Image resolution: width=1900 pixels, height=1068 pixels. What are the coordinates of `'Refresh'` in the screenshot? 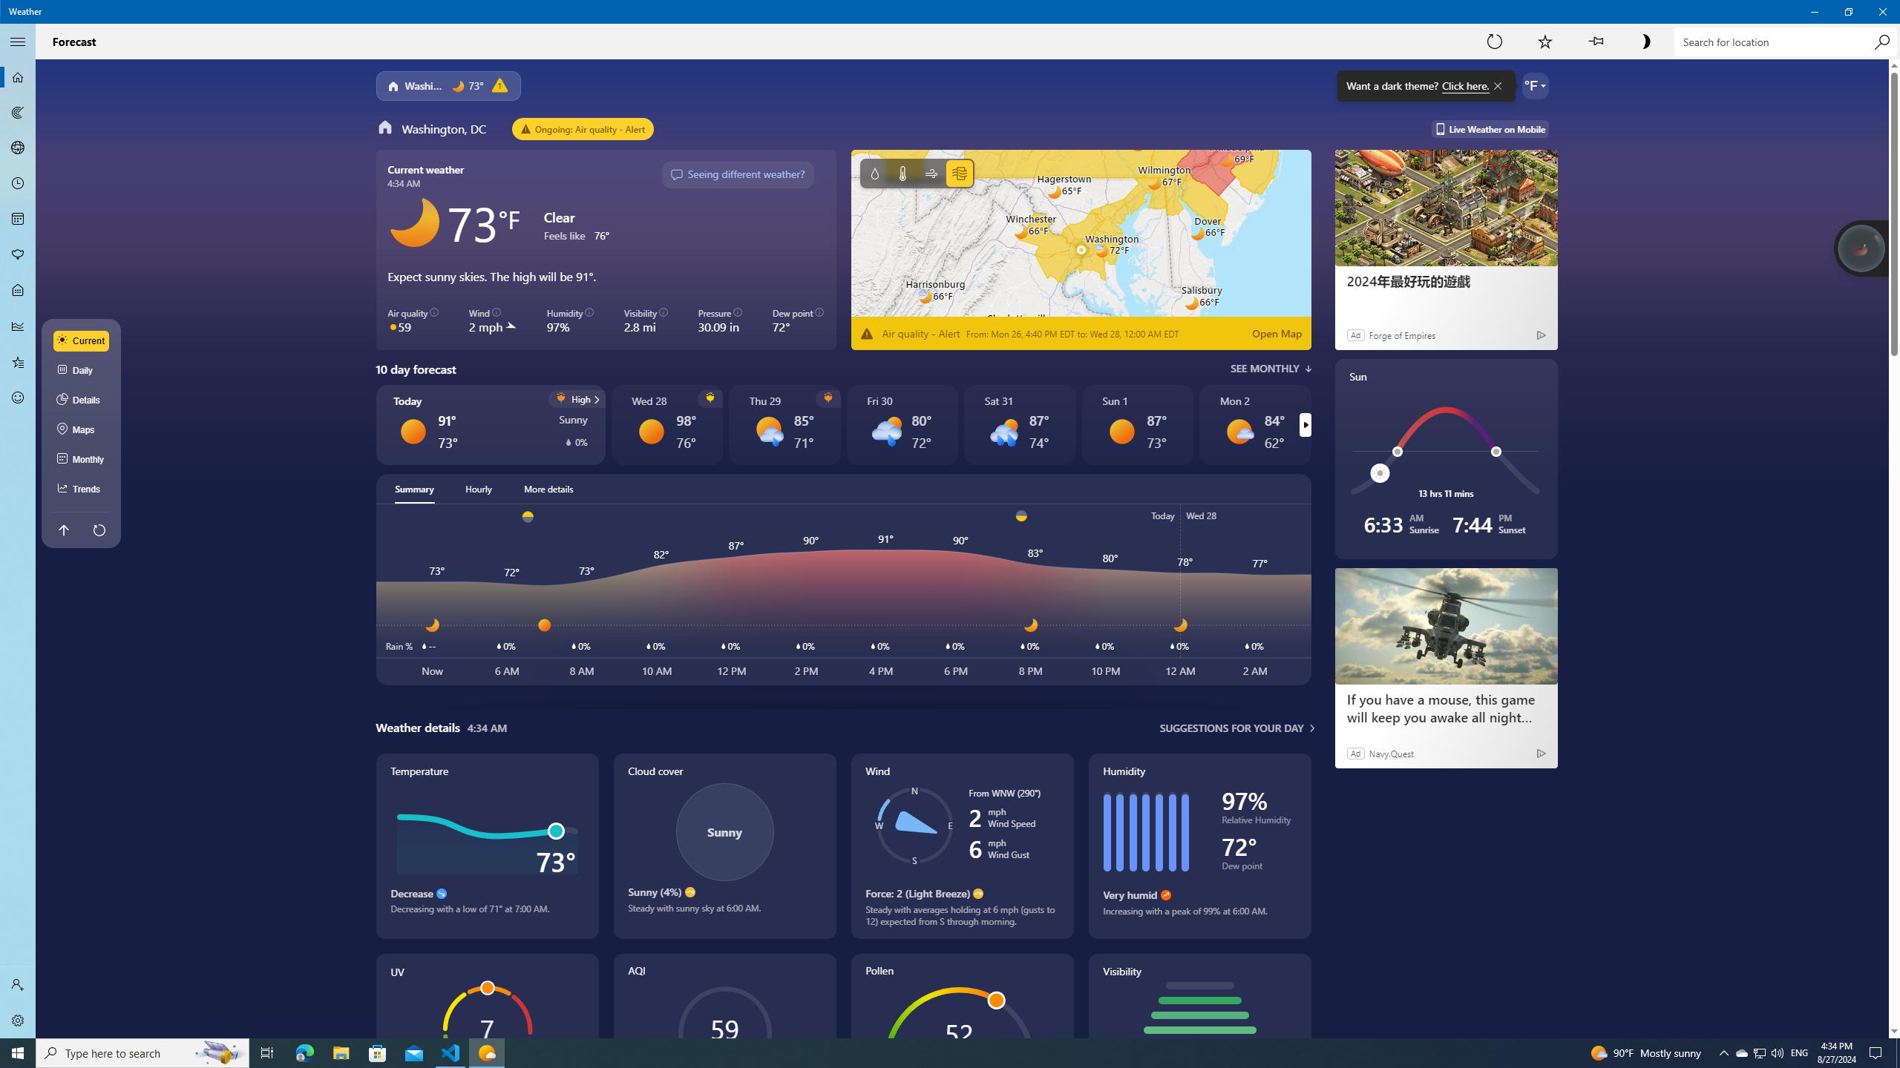 It's located at (1494, 41).